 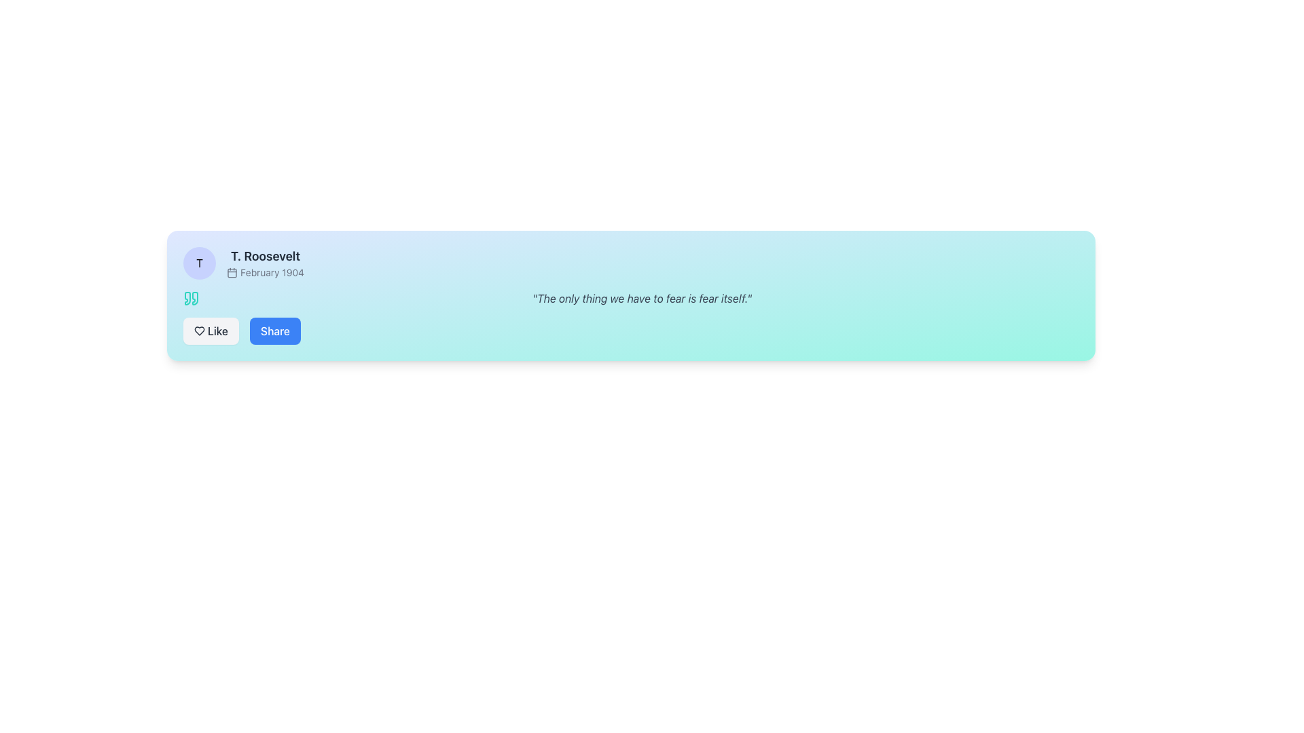 I want to click on the circular badge or avatar that serves as a profile picture placeholder, identified by a single letter, positioned to the far left of the text 'T. Roosevelt' and 'February 1904', so click(x=198, y=263).